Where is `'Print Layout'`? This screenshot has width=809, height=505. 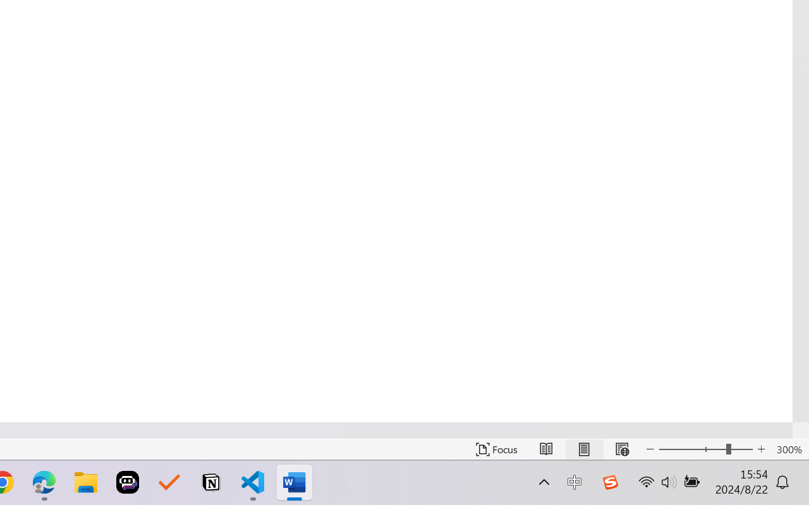
'Print Layout' is located at coordinates (583, 449).